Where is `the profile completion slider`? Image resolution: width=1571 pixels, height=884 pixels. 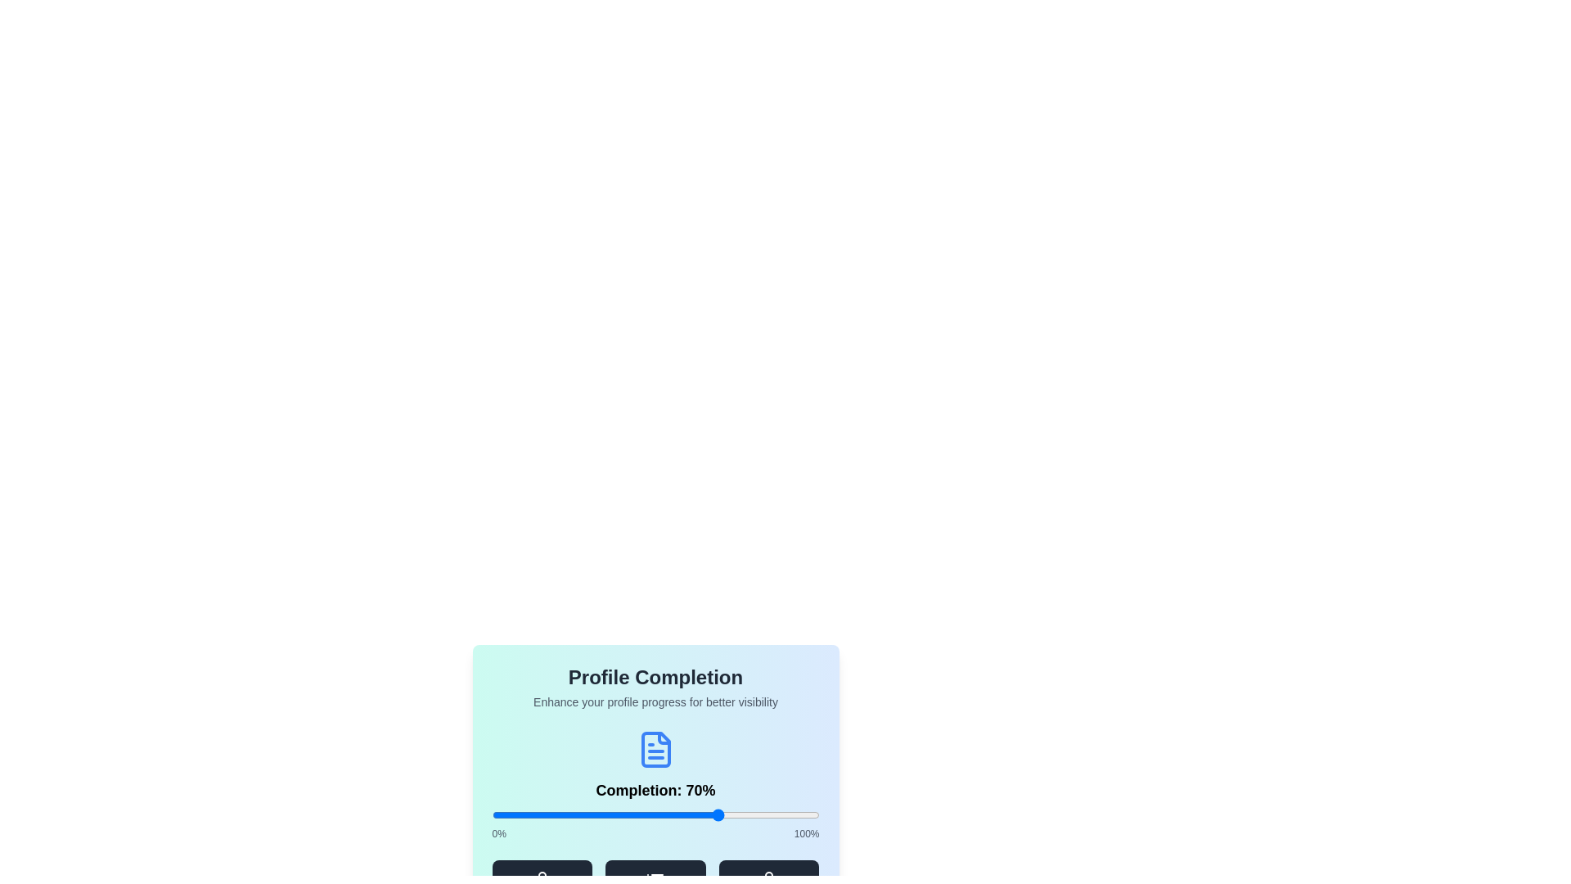 the profile completion slider is located at coordinates (547, 814).